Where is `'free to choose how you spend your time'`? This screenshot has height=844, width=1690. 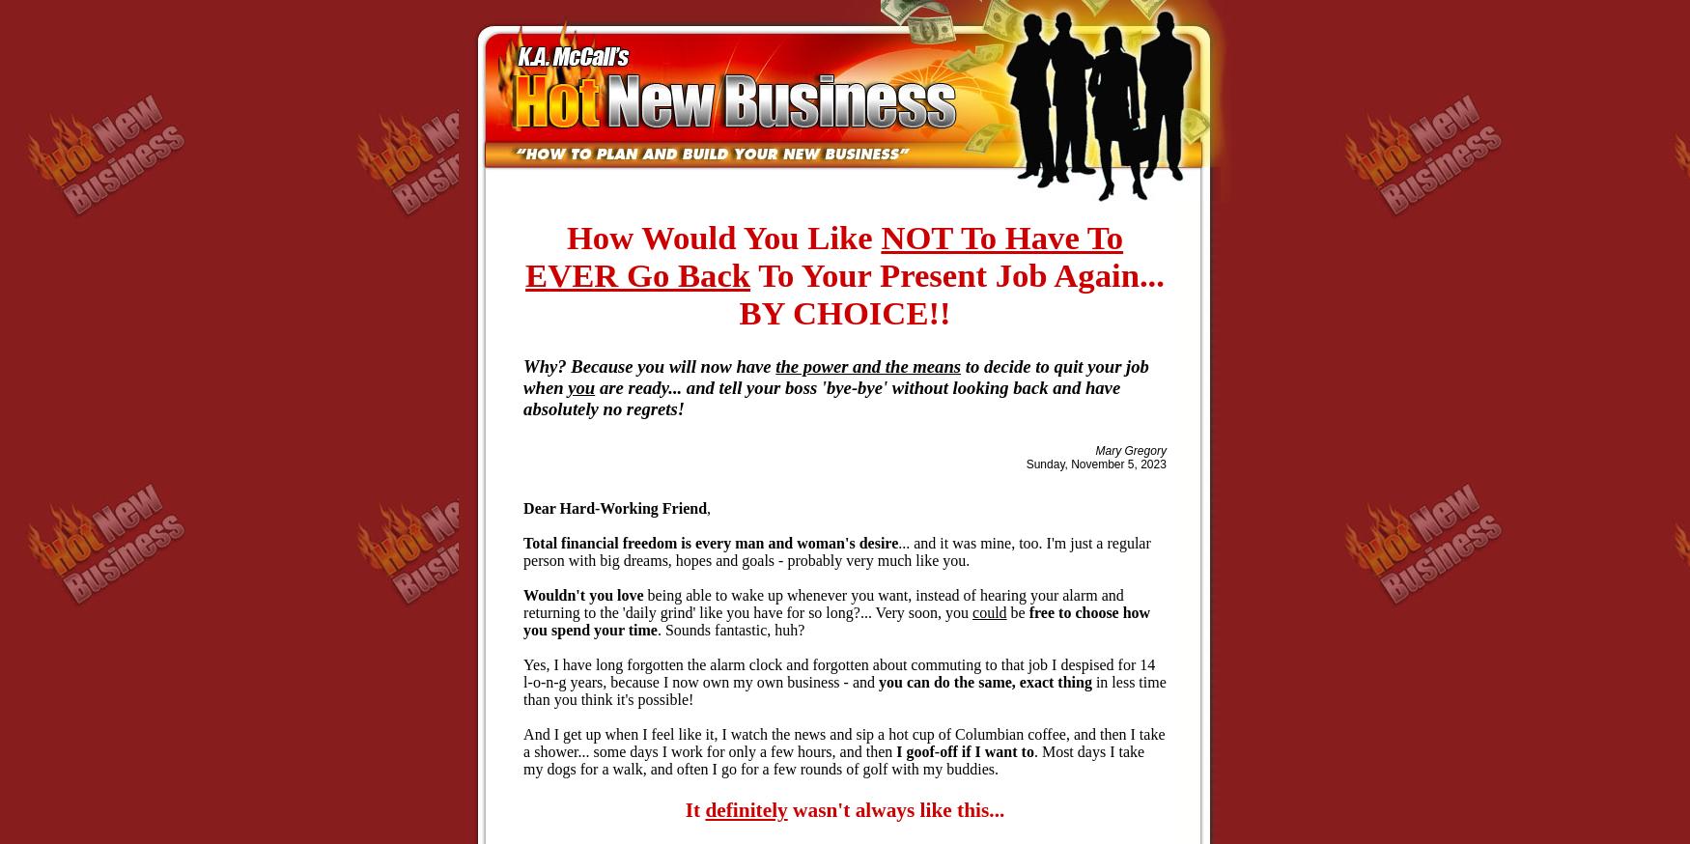
'free to choose how you spend your time' is located at coordinates (836, 619).